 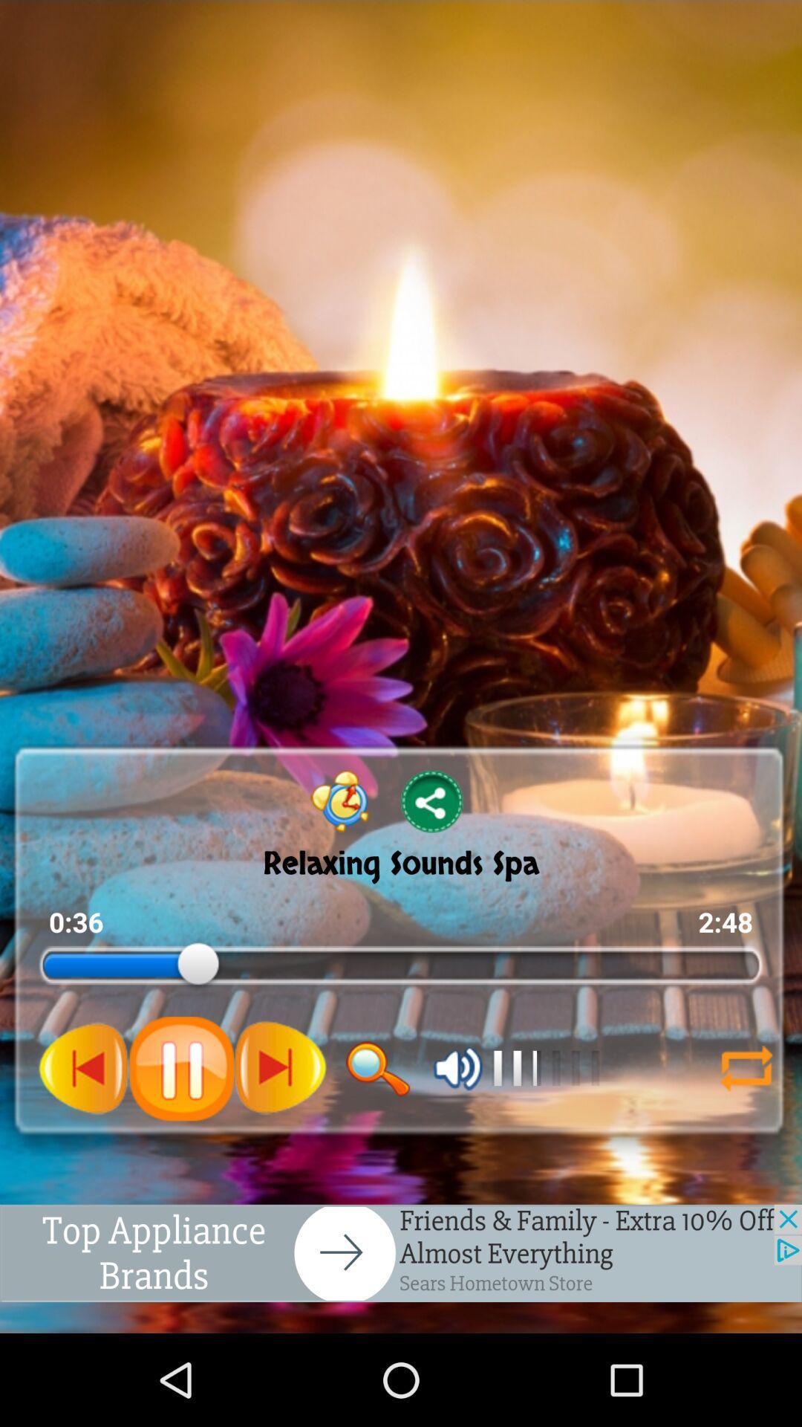 I want to click on share button, so click(x=432, y=800).